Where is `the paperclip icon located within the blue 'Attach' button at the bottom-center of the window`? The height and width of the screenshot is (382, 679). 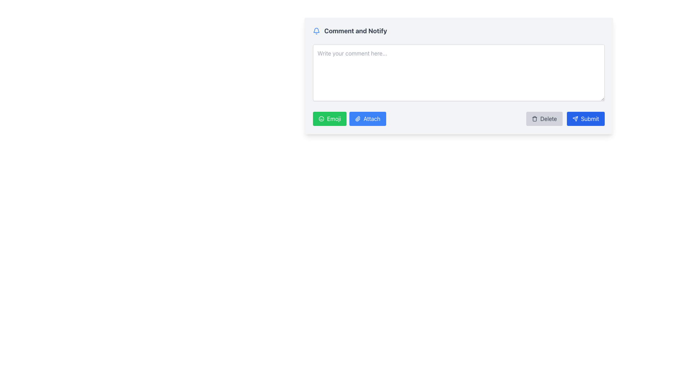
the paperclip icon located within the blue 'Attach' button at the bottom-center of the window is located at coordinates (358, 118).